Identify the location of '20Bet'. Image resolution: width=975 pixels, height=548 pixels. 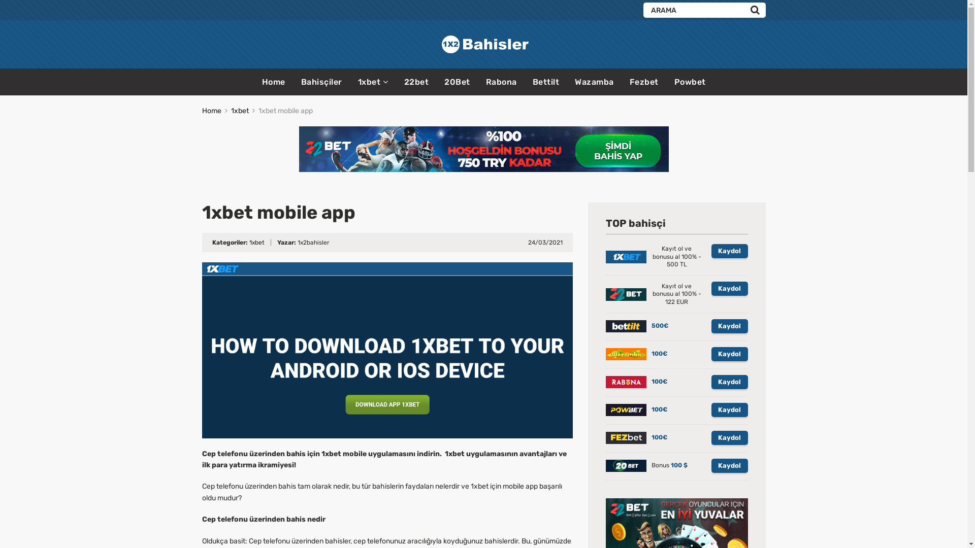
(457, 82).